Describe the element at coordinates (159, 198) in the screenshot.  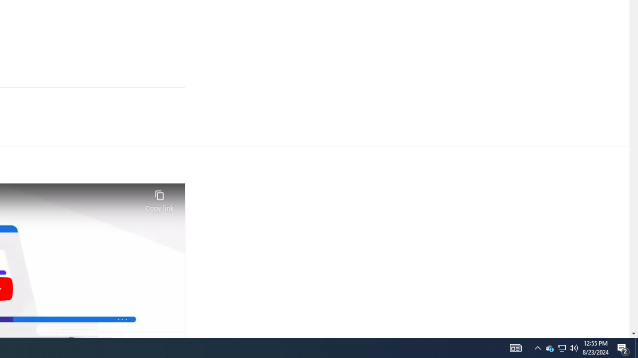
I see `'Copy link'` at that location.